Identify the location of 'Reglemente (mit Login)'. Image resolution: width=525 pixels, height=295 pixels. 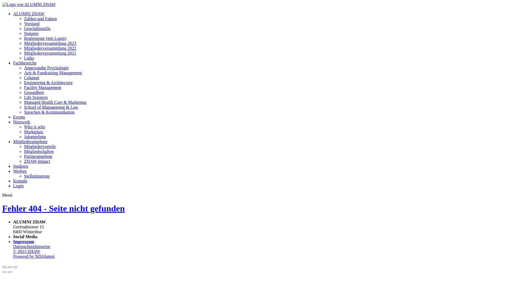
(45, 38).